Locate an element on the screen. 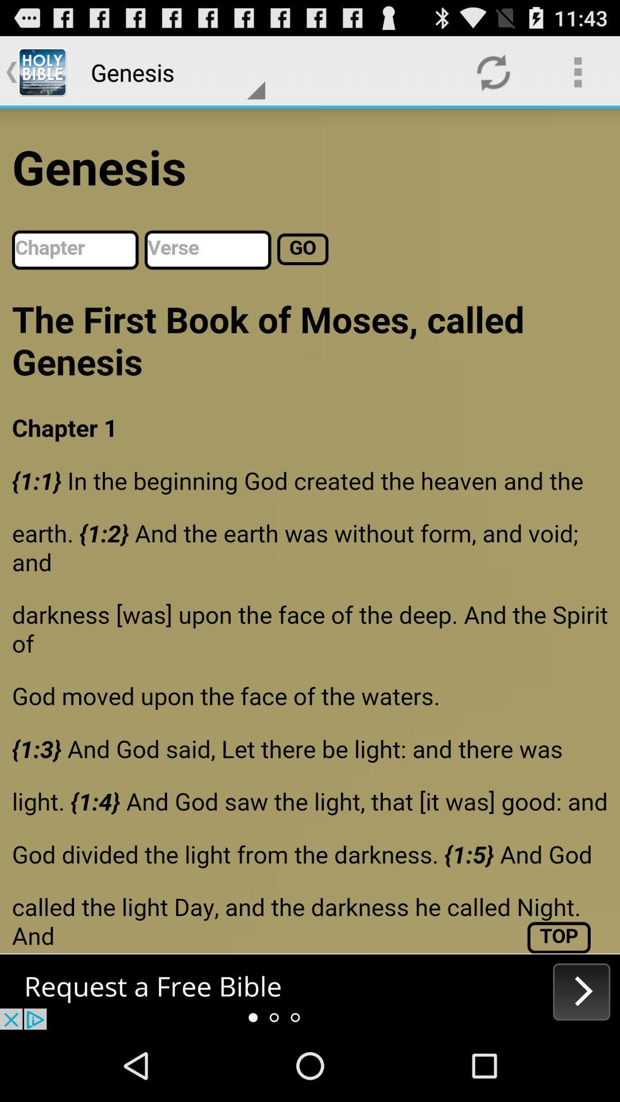 This screenshot has height=1102, width=620. go back is located at coordinates (310, 991).